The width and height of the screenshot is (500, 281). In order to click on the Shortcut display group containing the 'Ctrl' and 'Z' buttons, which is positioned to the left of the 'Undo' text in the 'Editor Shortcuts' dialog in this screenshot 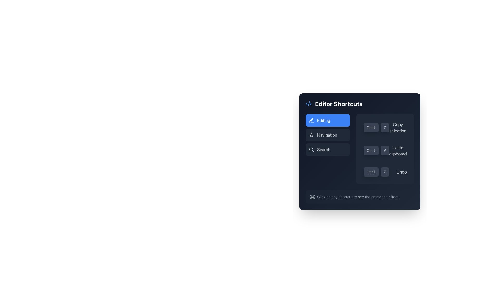, I will do `click(376, 172)`.